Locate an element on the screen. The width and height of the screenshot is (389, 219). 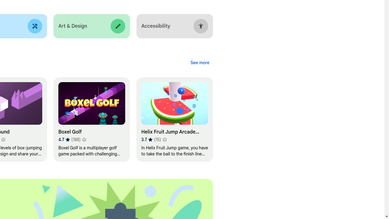
'Helix Fruit Jump Arcade Game' is located at coordinates (174, 120).